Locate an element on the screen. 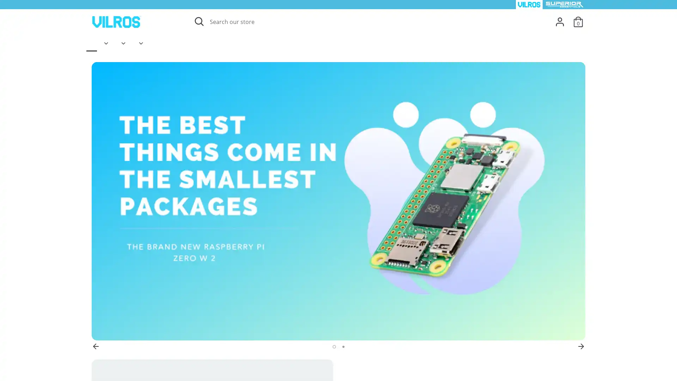 The height and width of the screenshot is (381, 677). Next is located at coordinates (581, 346).